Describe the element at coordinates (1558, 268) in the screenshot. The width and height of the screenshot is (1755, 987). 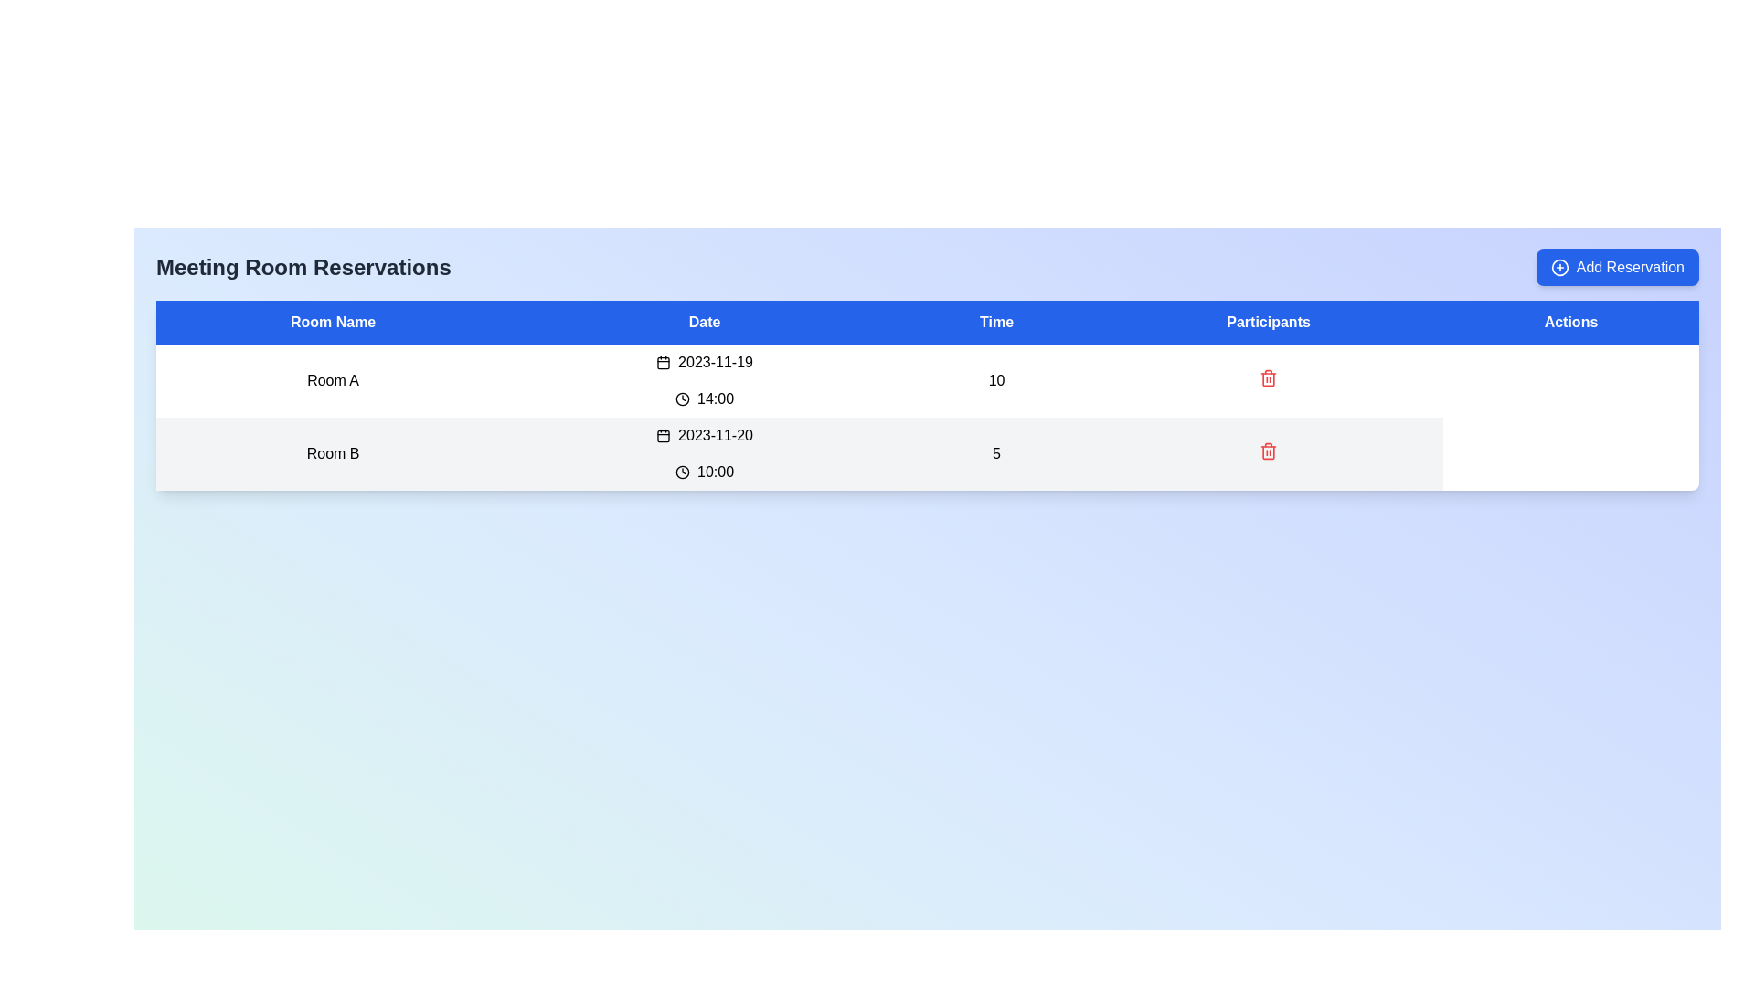
I see `the Decorative icon with a blue background and white plus symbol, which is located inside the button labeled 'Add Reservation' in the top-right corner of the interface` at that location.